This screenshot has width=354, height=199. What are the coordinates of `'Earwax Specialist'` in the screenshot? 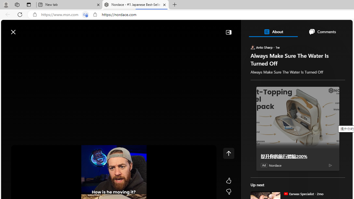 It's located at (286, 193).